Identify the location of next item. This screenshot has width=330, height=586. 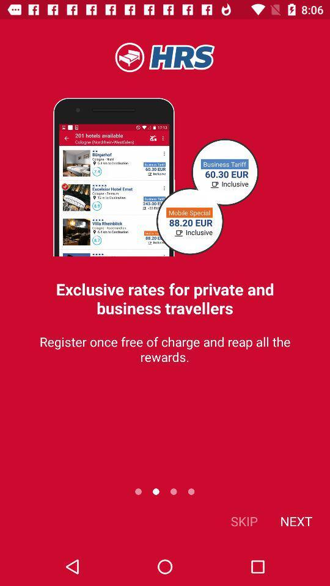
(295, 520).